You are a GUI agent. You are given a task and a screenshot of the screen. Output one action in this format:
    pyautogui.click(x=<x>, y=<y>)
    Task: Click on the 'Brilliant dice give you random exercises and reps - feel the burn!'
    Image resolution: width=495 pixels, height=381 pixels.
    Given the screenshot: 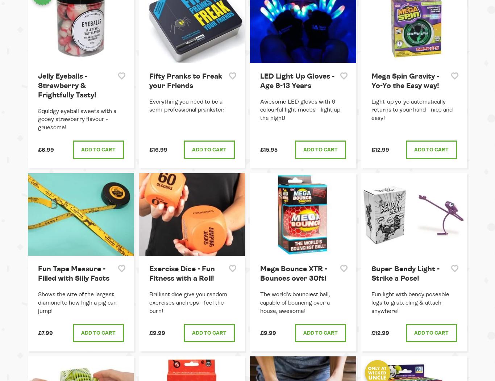 What is the action you would take?
    pyautogui.click(x=149, y=302)
    